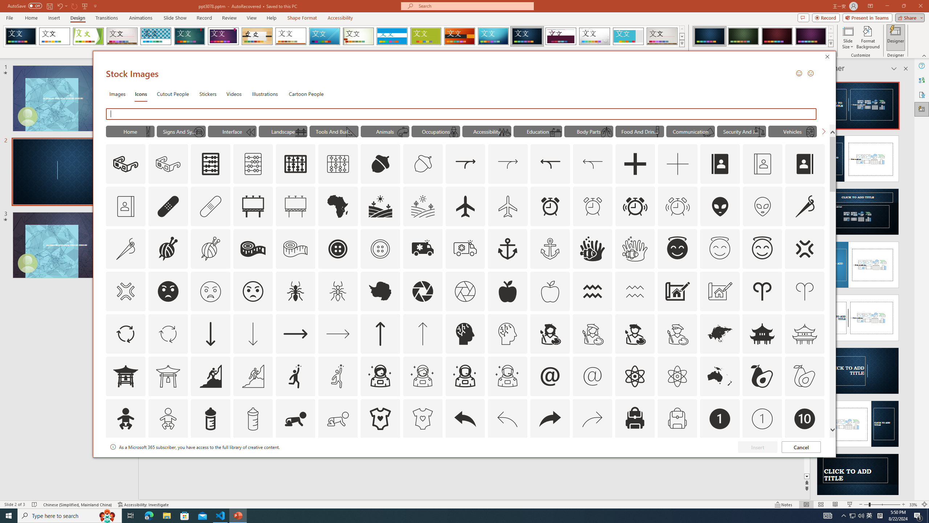  Describe the element at coordinates (465, 249) in the screenshot. I see `'AutomationID: Icons_Ambulance_M'` at that location.